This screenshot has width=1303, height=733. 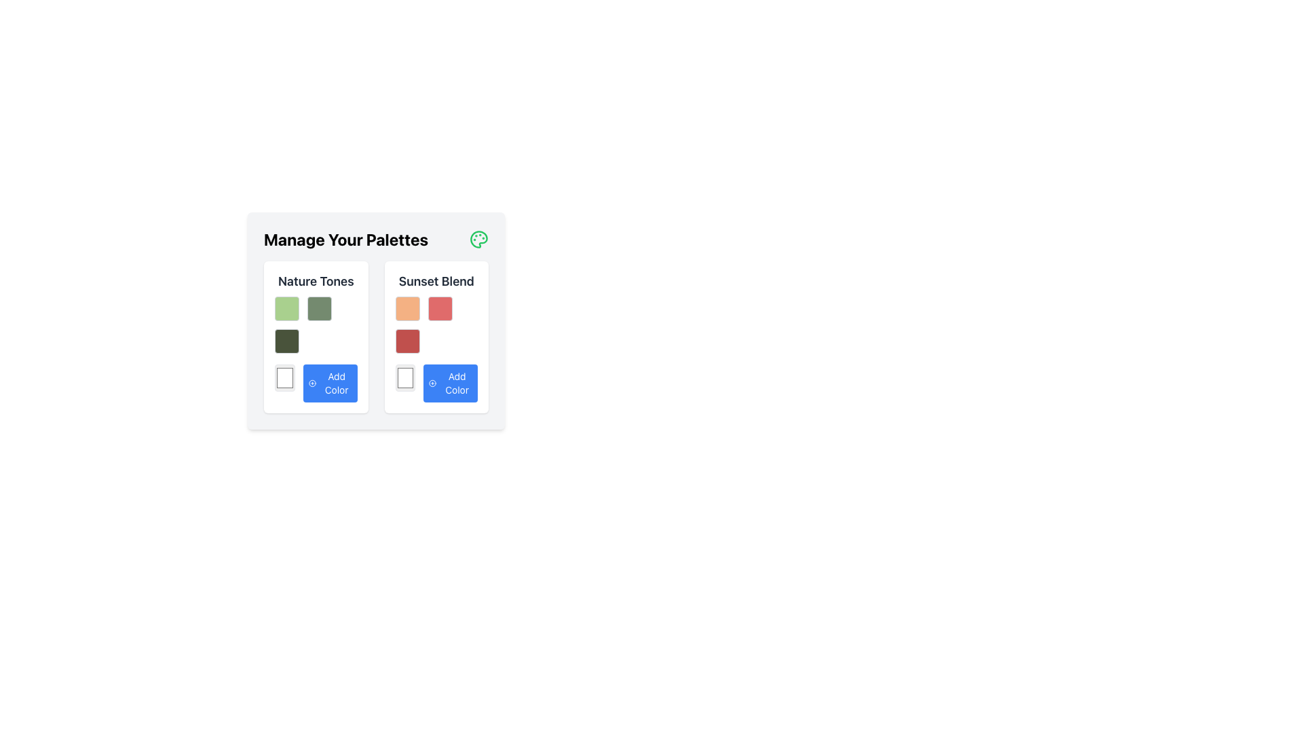 What do you see at coordinates (432, 383) in the screenshot?
I see `the circular icon with a plus sign at its center, located to the left of the 'Add Color' text in the 'Sunset Blend' palette section` at bounding box center [432, 383].